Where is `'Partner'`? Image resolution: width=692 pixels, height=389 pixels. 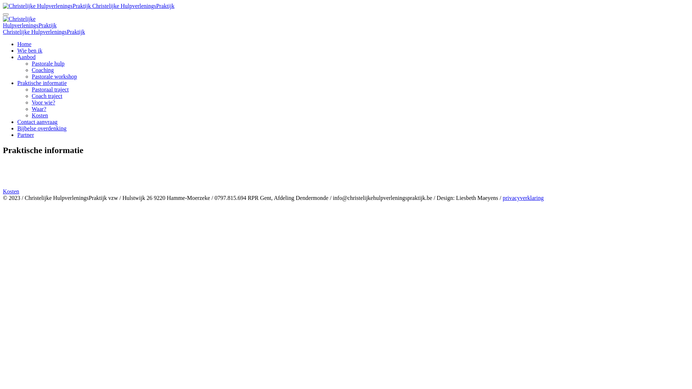
'Partner' is located at coordinates (26, 135).